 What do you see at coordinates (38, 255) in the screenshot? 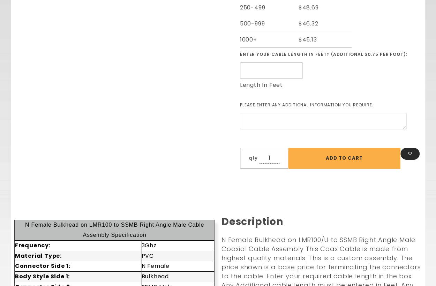
I see `'Material Type:'` at bounding box center [38, 255].